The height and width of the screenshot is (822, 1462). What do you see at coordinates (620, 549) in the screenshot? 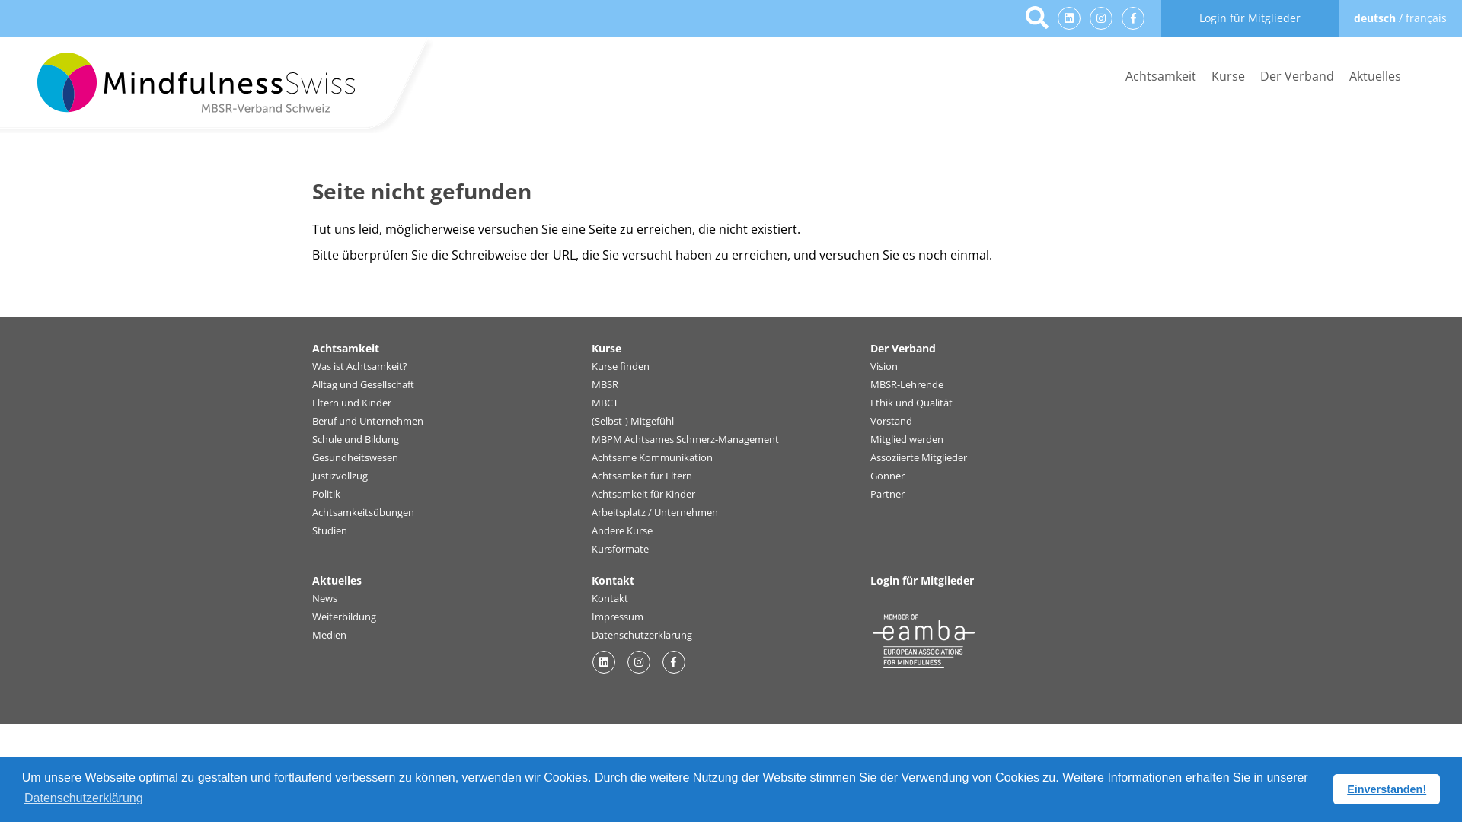
I see `'Kursformate'` at bounding box center [620, 549].